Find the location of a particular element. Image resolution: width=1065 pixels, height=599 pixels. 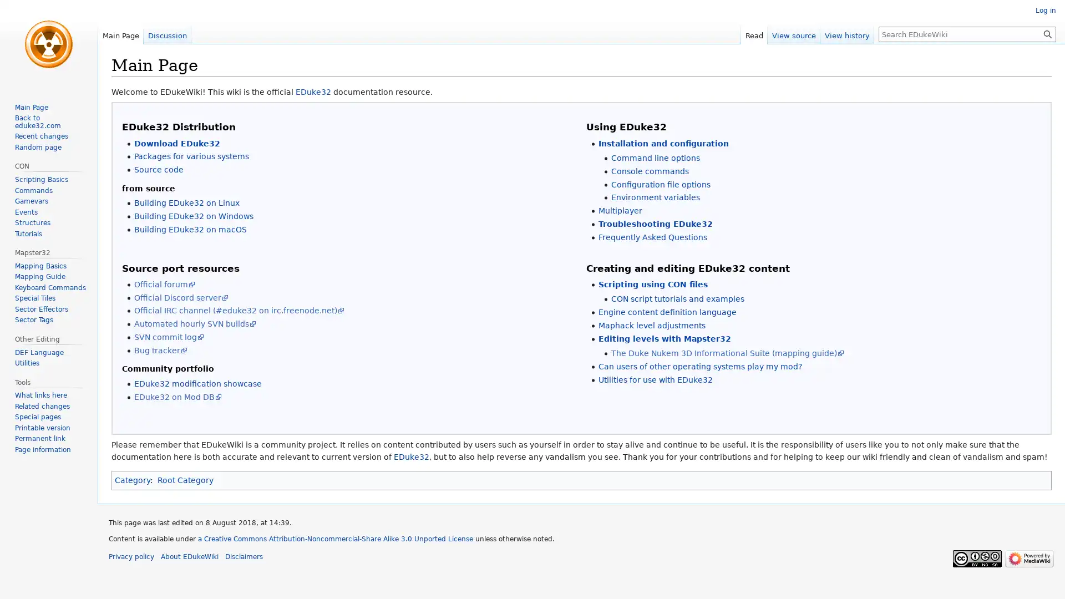

Search is located at coordinates (1047, 33).